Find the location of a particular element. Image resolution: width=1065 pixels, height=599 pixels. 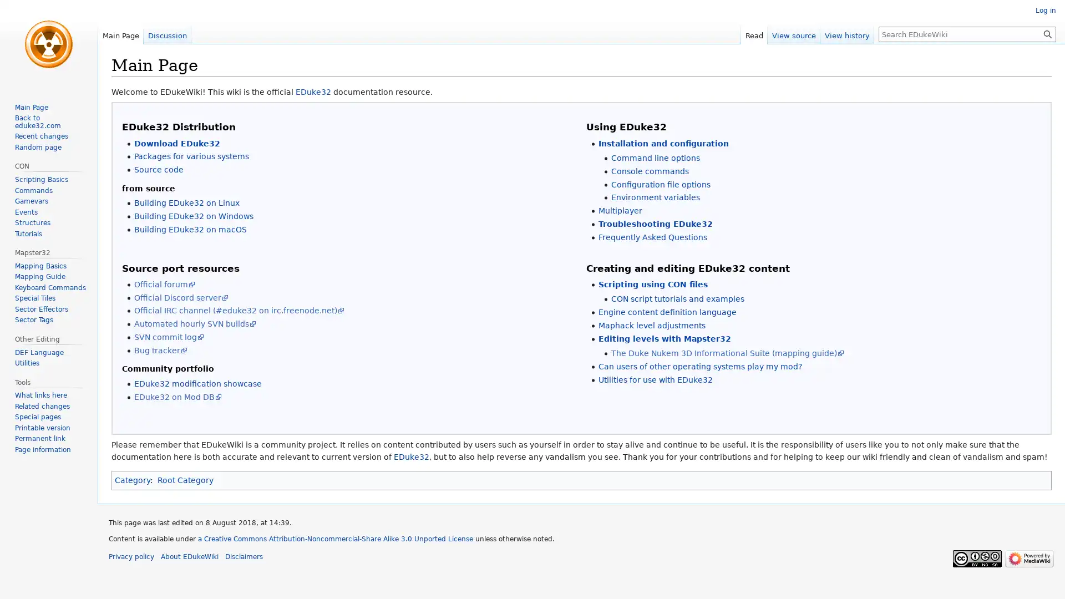

Search is located at coordinates (1047, 33).